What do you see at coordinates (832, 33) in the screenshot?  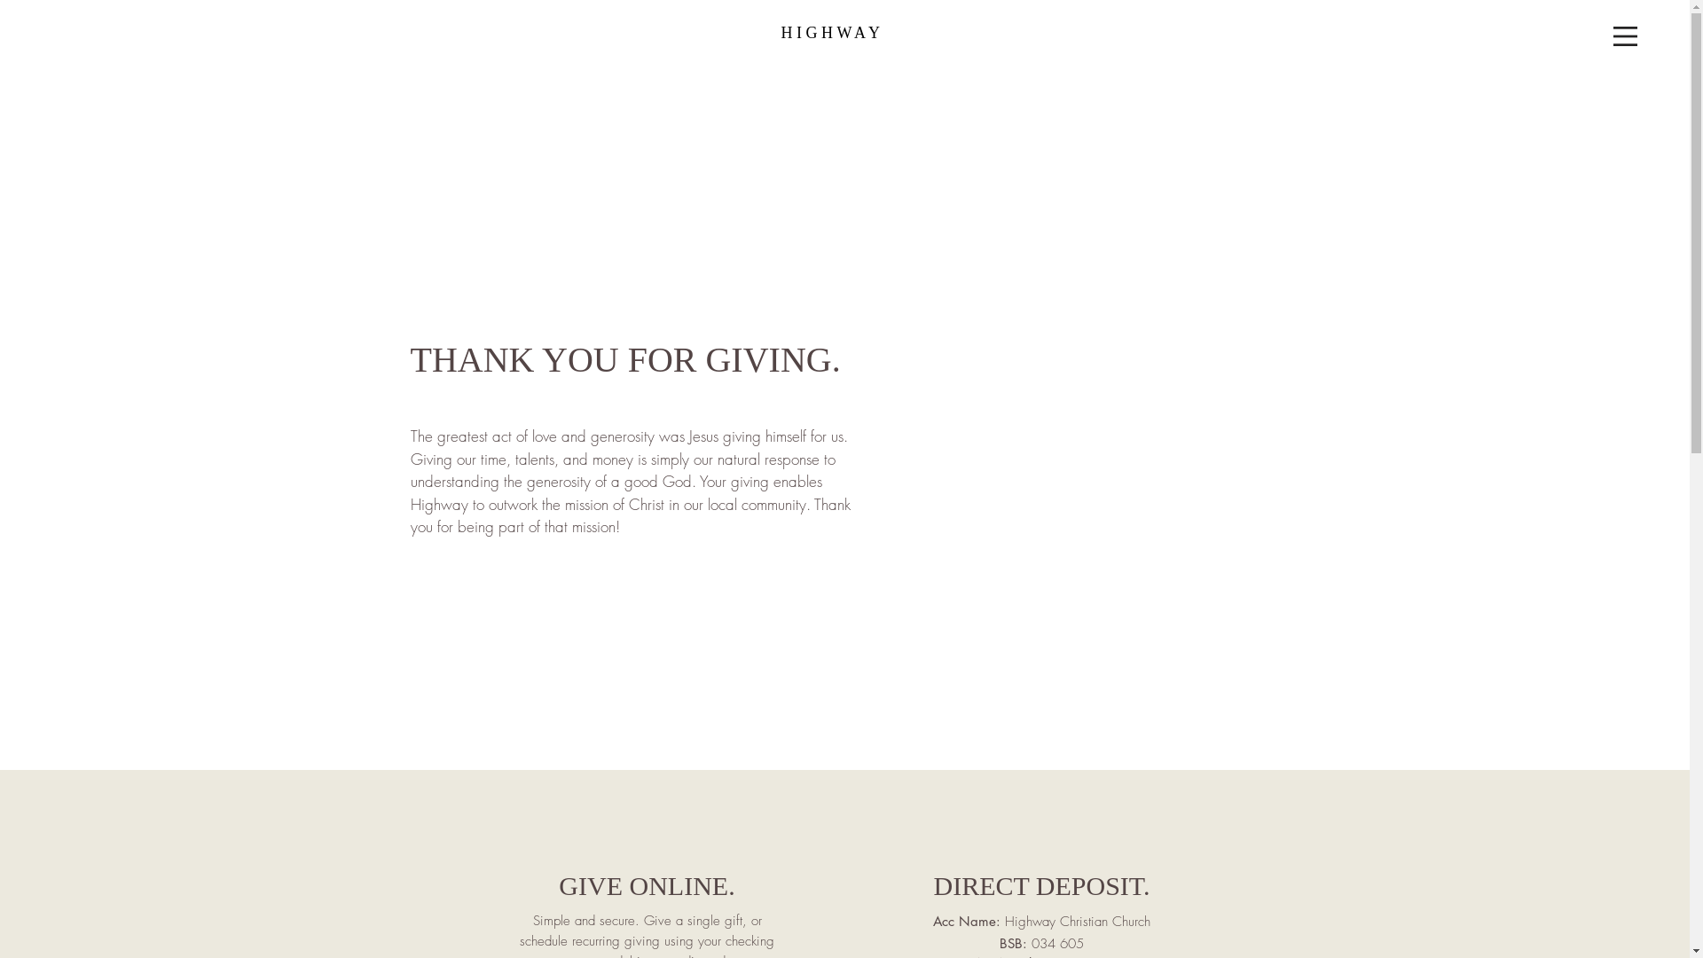 I see `'HIGHWAY'` at bounding box center [832, 33].